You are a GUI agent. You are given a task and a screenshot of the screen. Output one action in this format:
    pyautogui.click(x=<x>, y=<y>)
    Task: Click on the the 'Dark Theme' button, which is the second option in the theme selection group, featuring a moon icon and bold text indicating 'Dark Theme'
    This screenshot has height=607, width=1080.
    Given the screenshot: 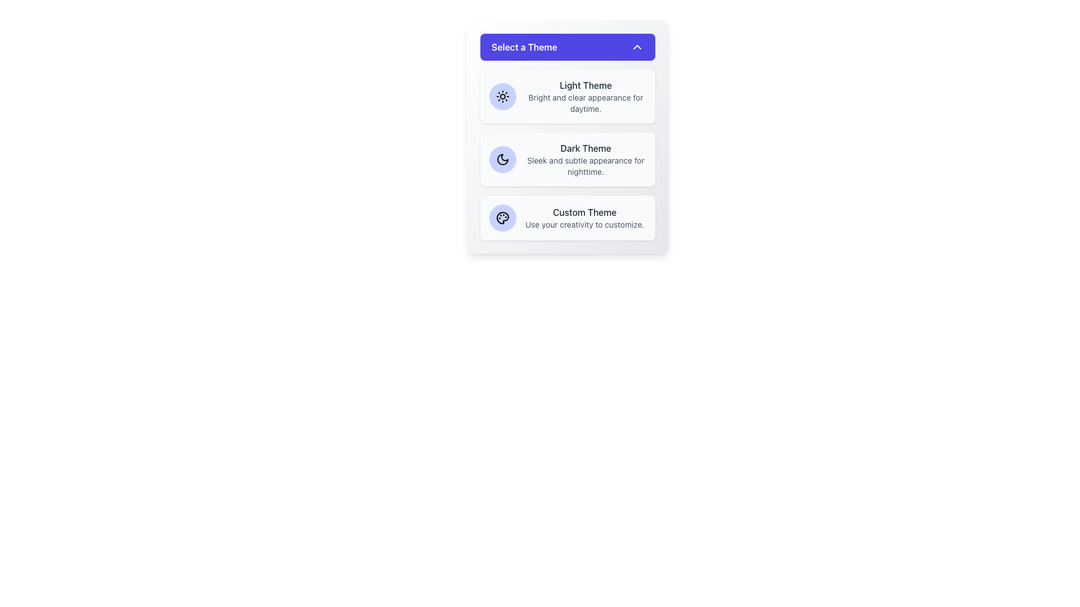 What is the action you would take?
    pyautogui.click(x=568, y=160)
    